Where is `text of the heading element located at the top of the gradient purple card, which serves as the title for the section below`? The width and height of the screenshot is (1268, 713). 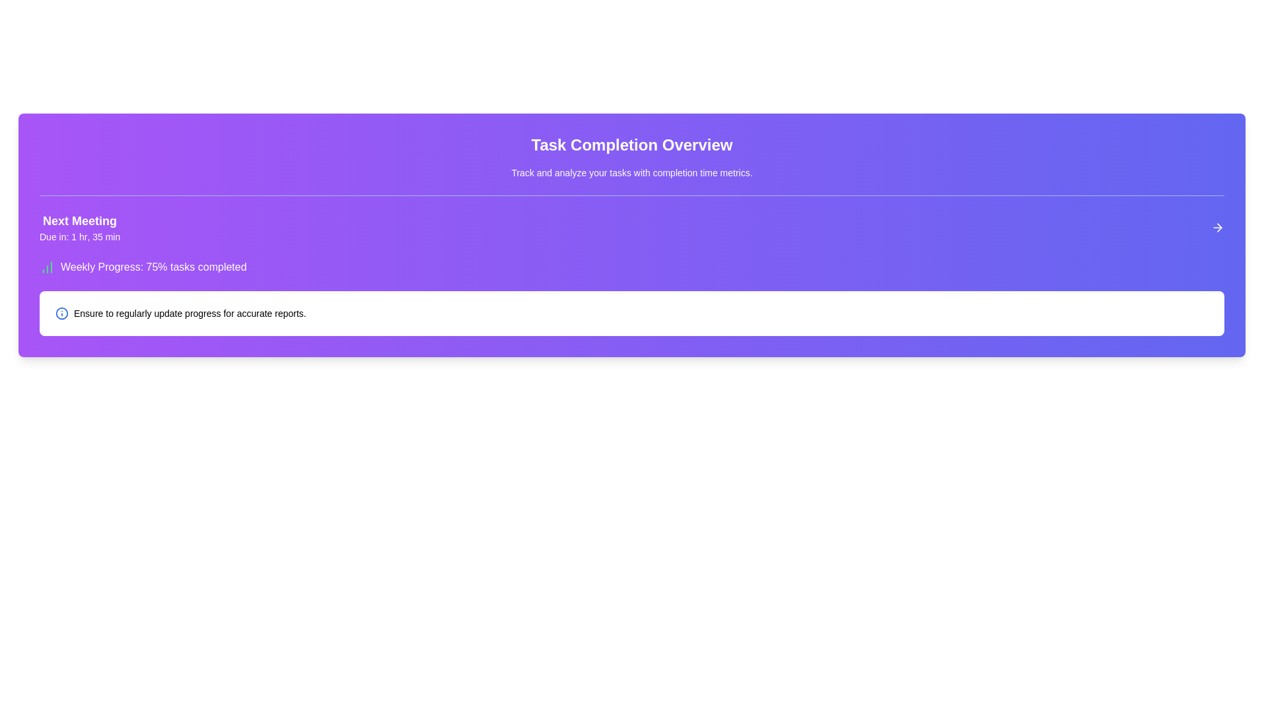 text of the heading element located at the top of the gradient purple card, which serves as the title for the section below is located at coordinates (631, 145).